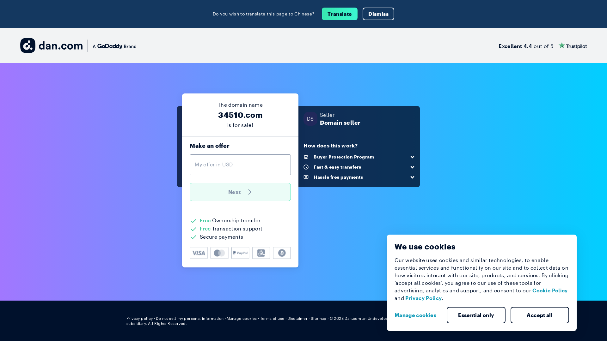 This screenshot has width=607, height=341. Describe the element at coordinates (189, 318) in the screenshot. I see `'Do not sell my personal information'` at that location.